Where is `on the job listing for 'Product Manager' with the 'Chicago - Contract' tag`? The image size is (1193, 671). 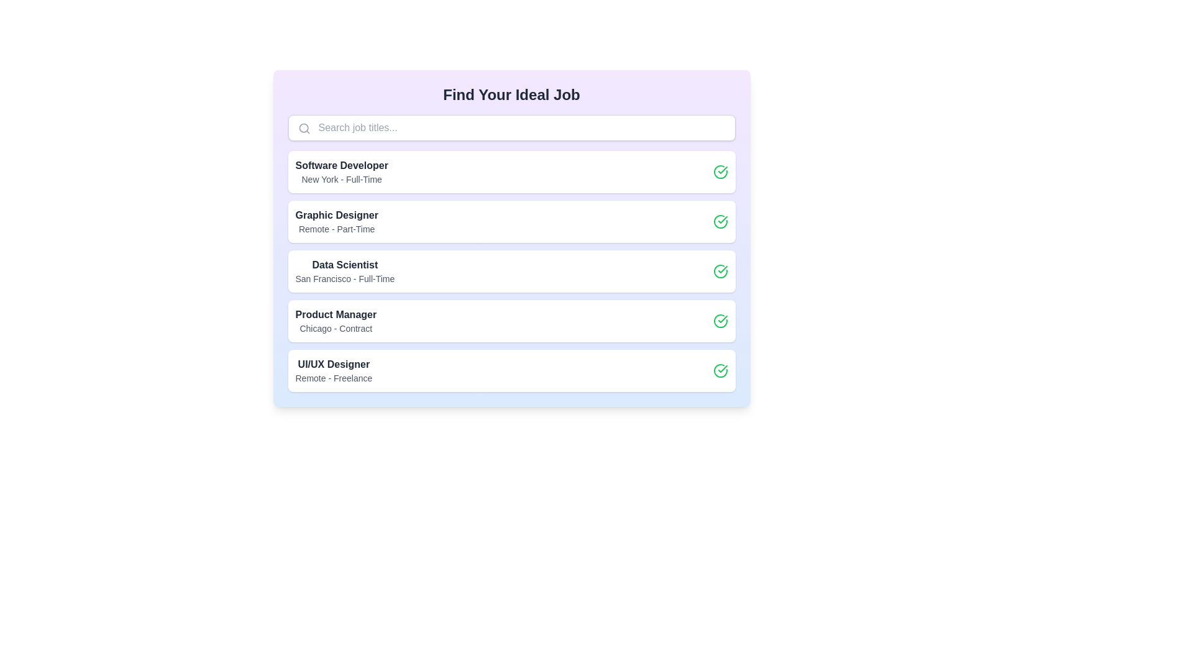
on the job listing for 'Product Manager' with the 'Chicago - Contract' tag is located at coordinates (511, 320).